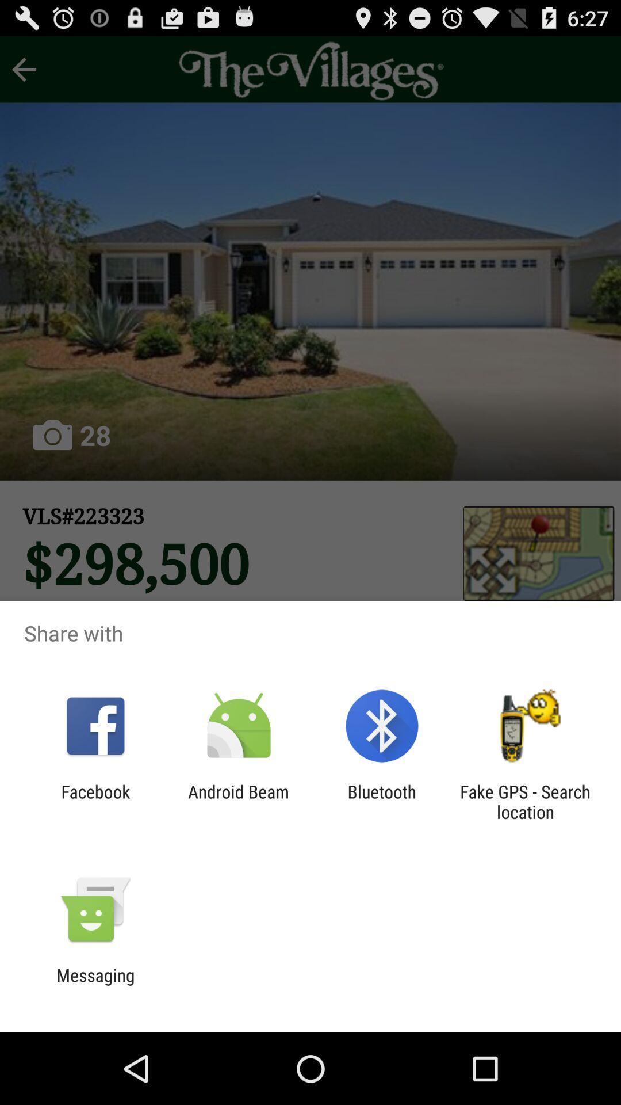 Image resolution: width=621 pixels, height=1105 pixels. Describe the element at coordinates (525, 801) in the screenshot. I see `the fake gps search` at that location.